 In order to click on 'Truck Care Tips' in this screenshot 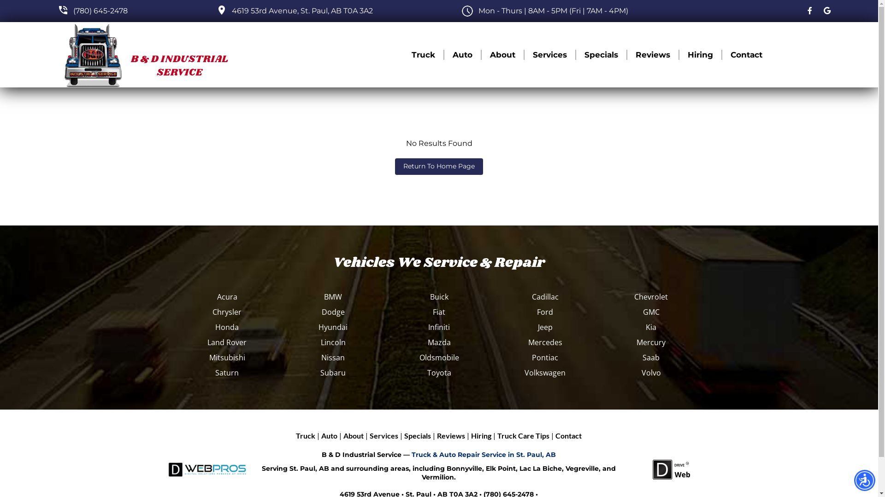, I will do `click(523, 435)`.